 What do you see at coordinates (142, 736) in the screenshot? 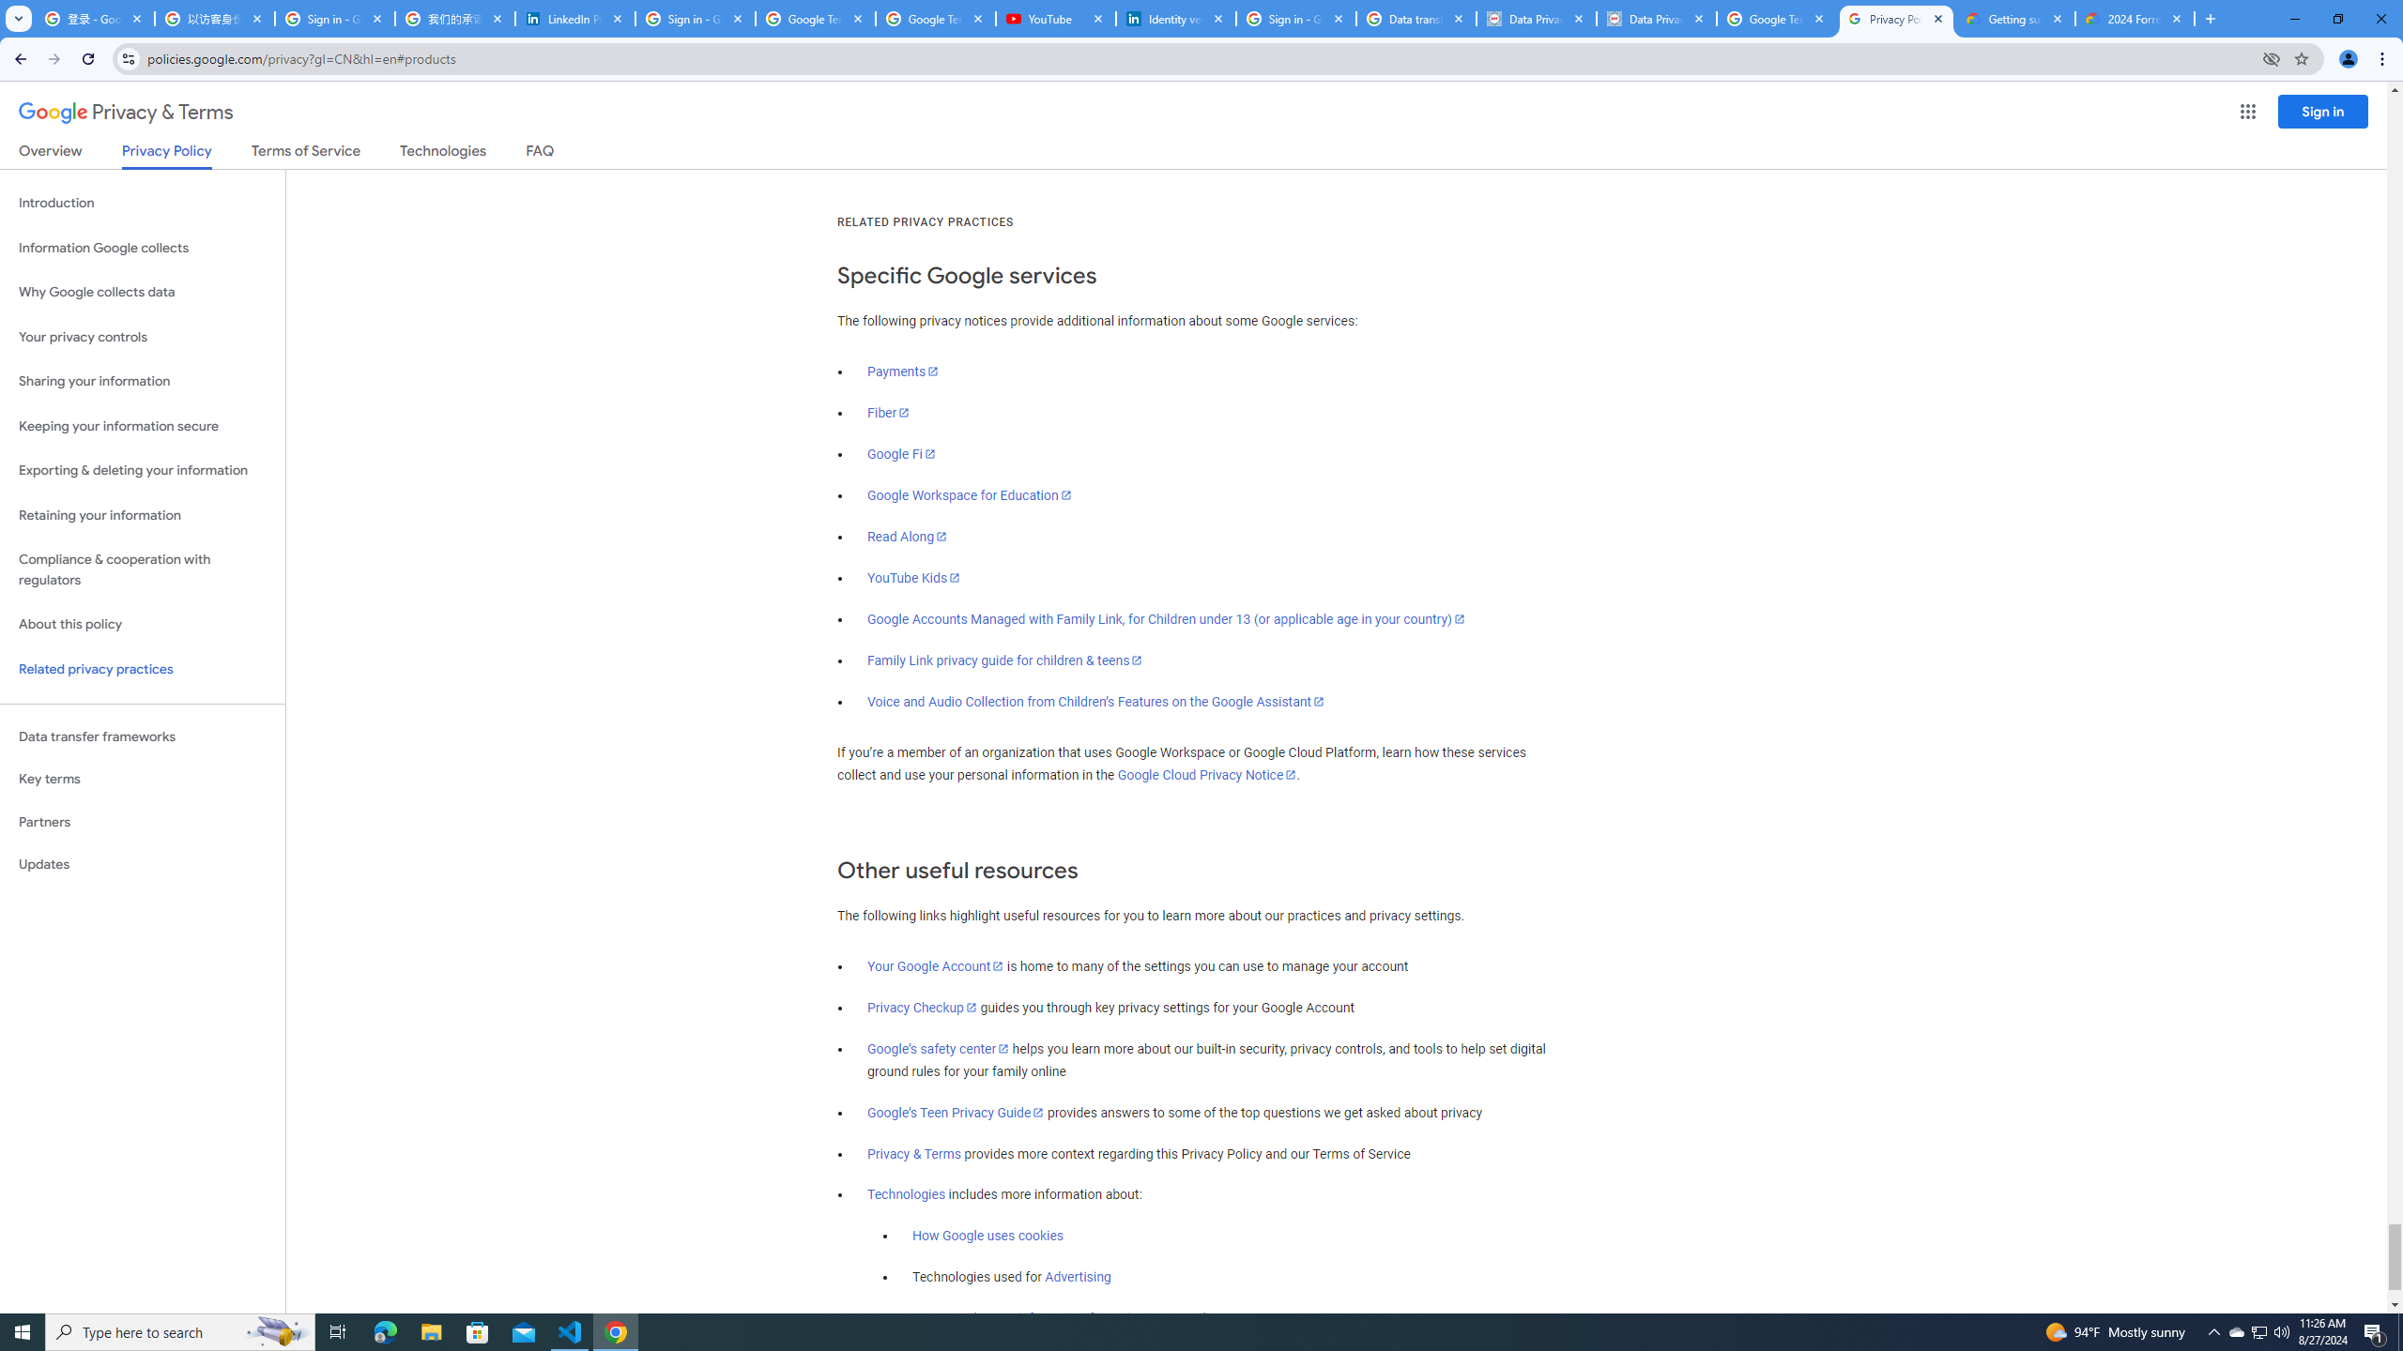
I see `'Data transfer frameworks'` at bounding box center [142, 736].